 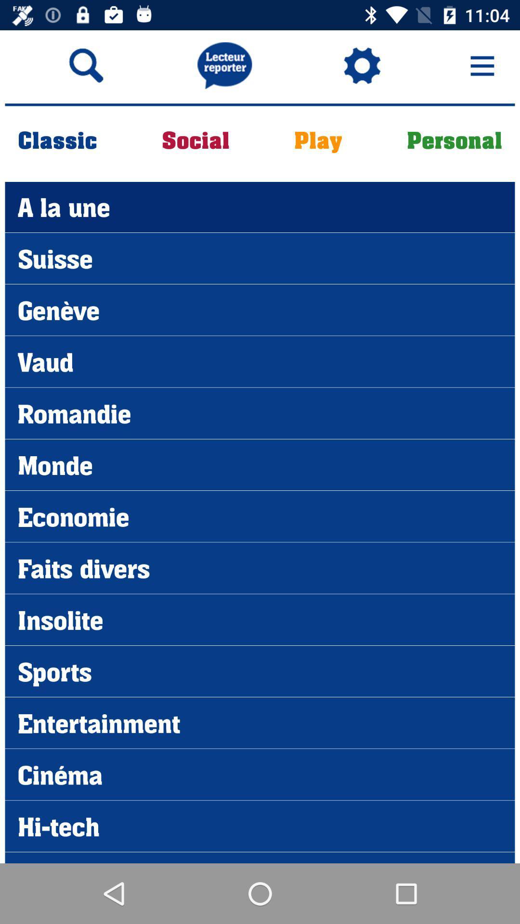 I want to click on the emoji icon, so click(x=362, y=65).